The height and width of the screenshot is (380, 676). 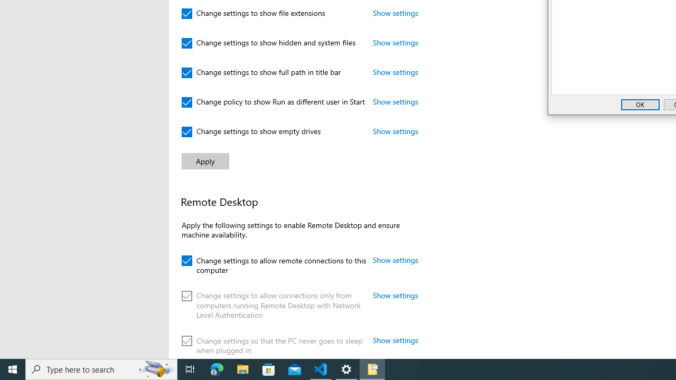 What do you see at coordinates (155, 368) in the screenshot?
I see `'Search highlights icon opens search home window'` at bounding box center [155, 368].